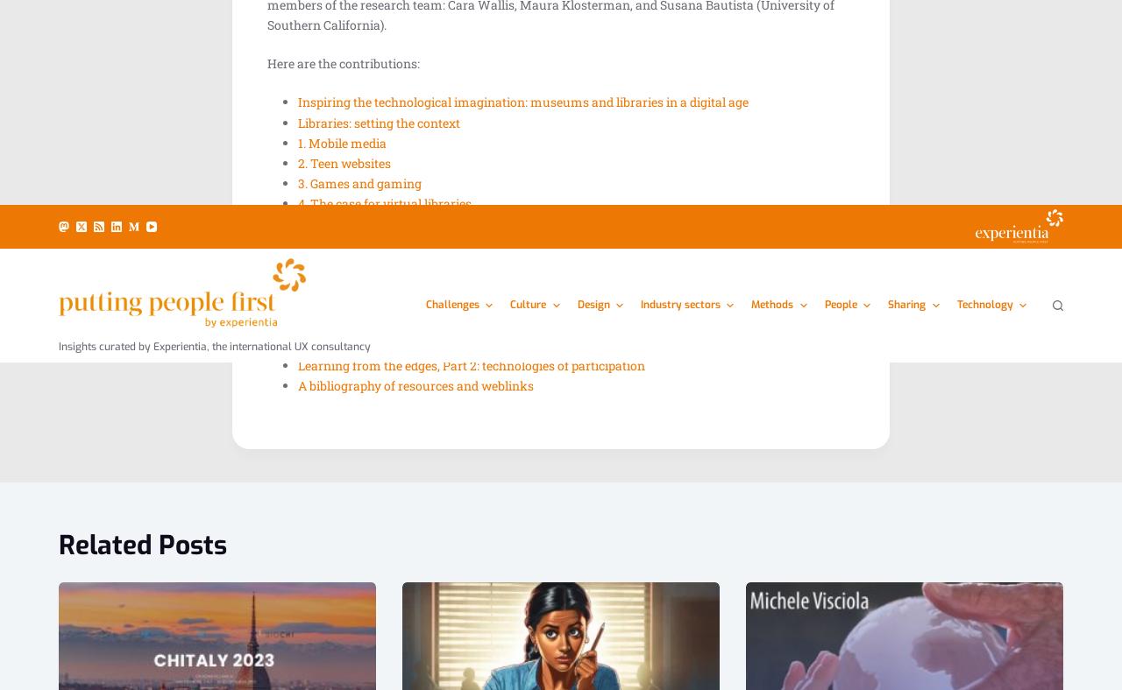 This screenshot has width=1122, height=690. I want to click on 'You must be', so click(268, 346).